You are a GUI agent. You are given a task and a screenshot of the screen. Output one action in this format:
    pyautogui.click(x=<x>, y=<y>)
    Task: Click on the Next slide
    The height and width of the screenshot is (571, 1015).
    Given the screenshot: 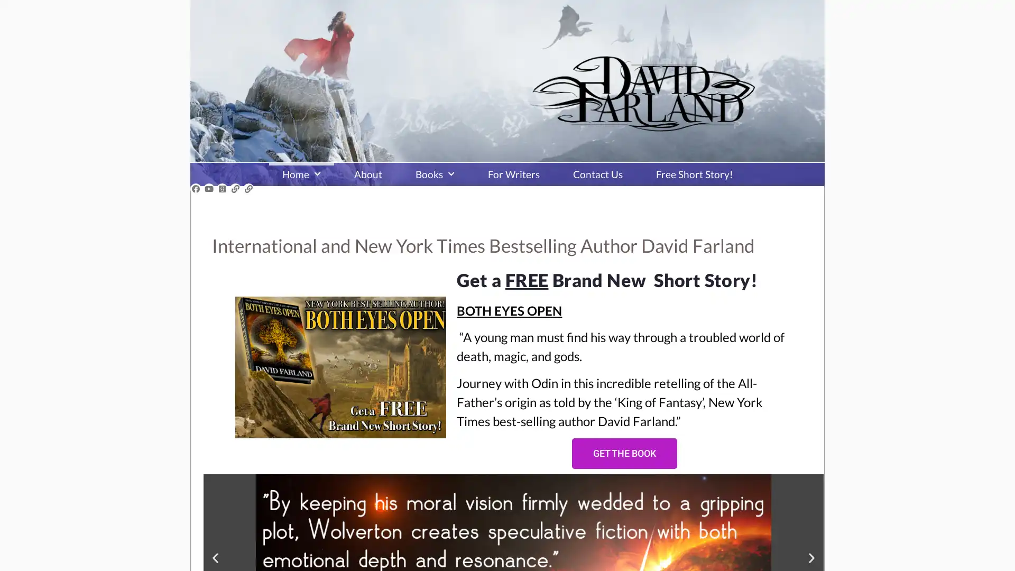 What is the action you would take?
    pyautogui.click(x=811, y=557)
    